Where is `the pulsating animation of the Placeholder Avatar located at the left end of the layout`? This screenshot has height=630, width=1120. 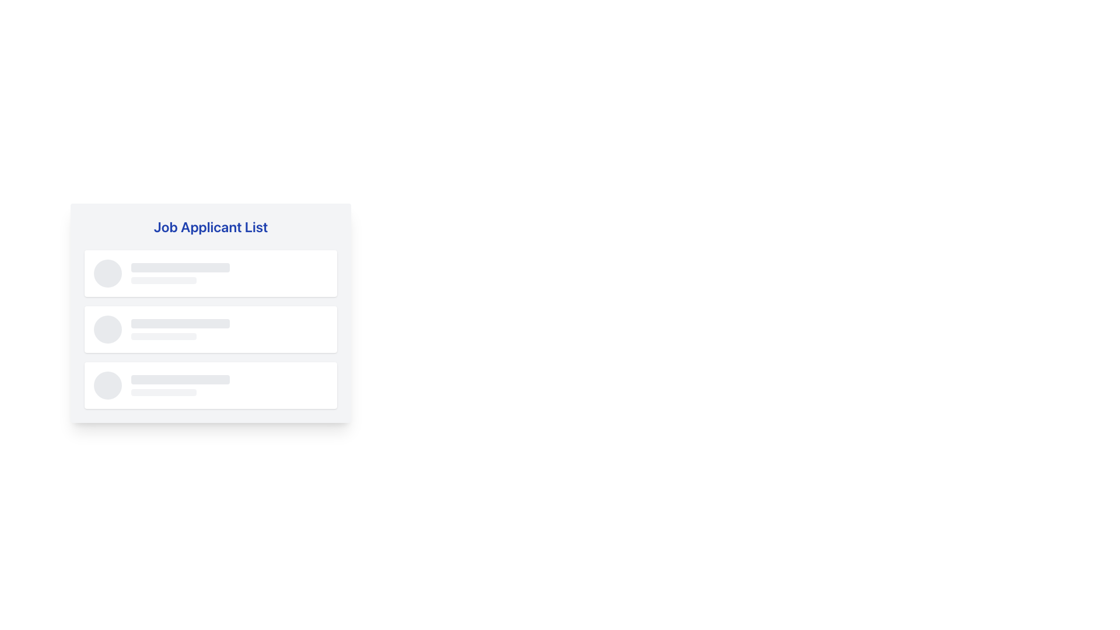 the pulsating animation of the Placeholder Avatar located at the left end of the layout is located at coordinates (108, 329).